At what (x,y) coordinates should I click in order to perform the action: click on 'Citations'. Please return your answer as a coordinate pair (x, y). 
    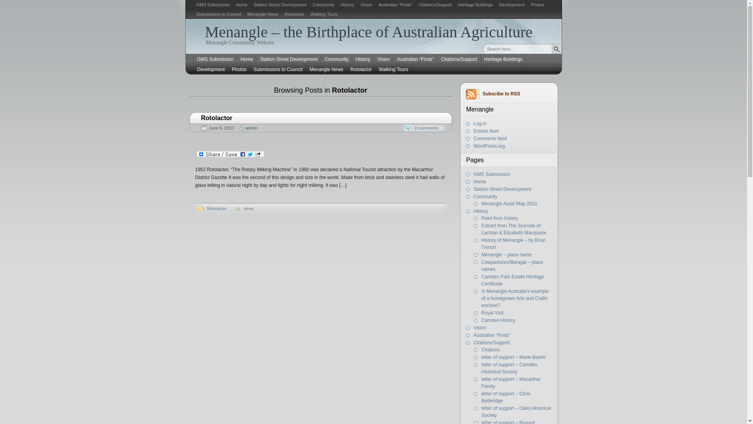
    Looking at the image, I should click on (490, 349).